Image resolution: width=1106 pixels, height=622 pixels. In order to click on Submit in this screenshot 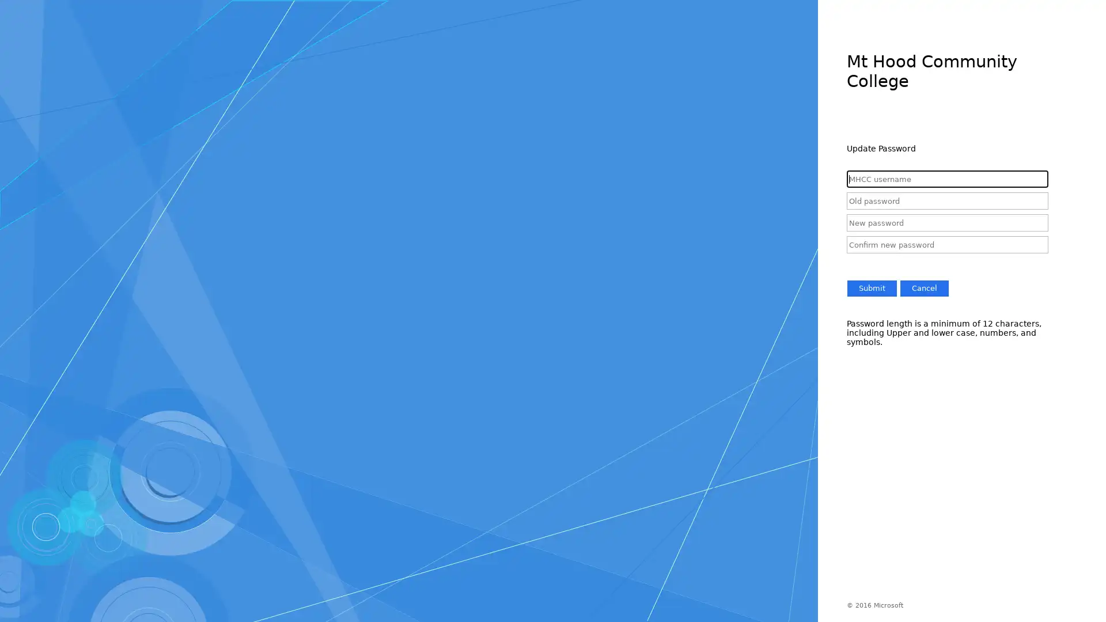, I will do `click(872, 288)`.